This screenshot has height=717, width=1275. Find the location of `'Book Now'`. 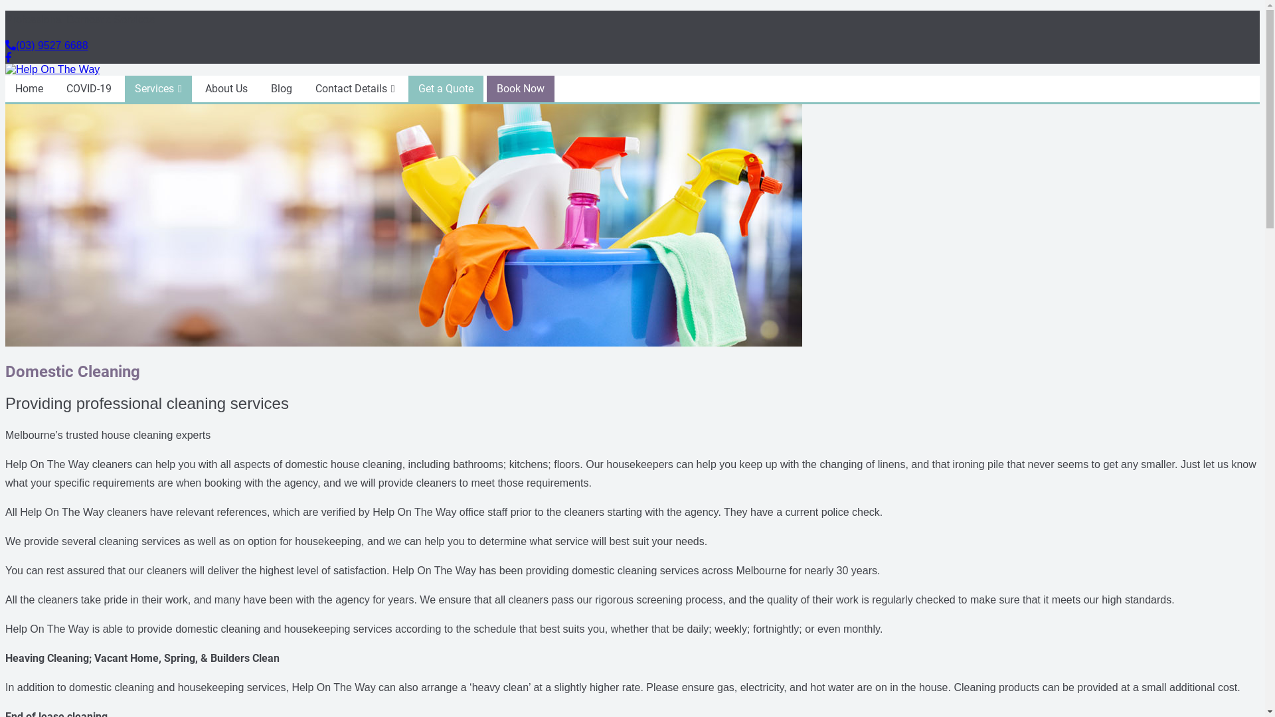

'Book Now' is located at coordinates (519, 89).